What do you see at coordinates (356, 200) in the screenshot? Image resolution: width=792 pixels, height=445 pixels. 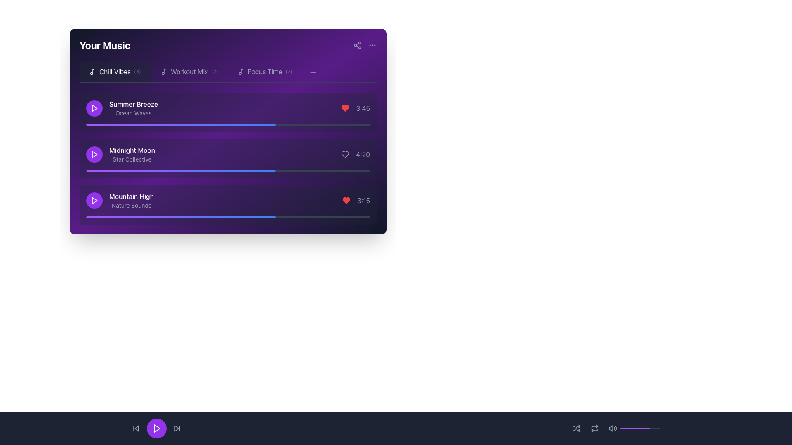 I see `the heart icon in the 'Your Music' section of the 'Mountain High' card to mark the song as favorite` at bounding box center [356, 200].